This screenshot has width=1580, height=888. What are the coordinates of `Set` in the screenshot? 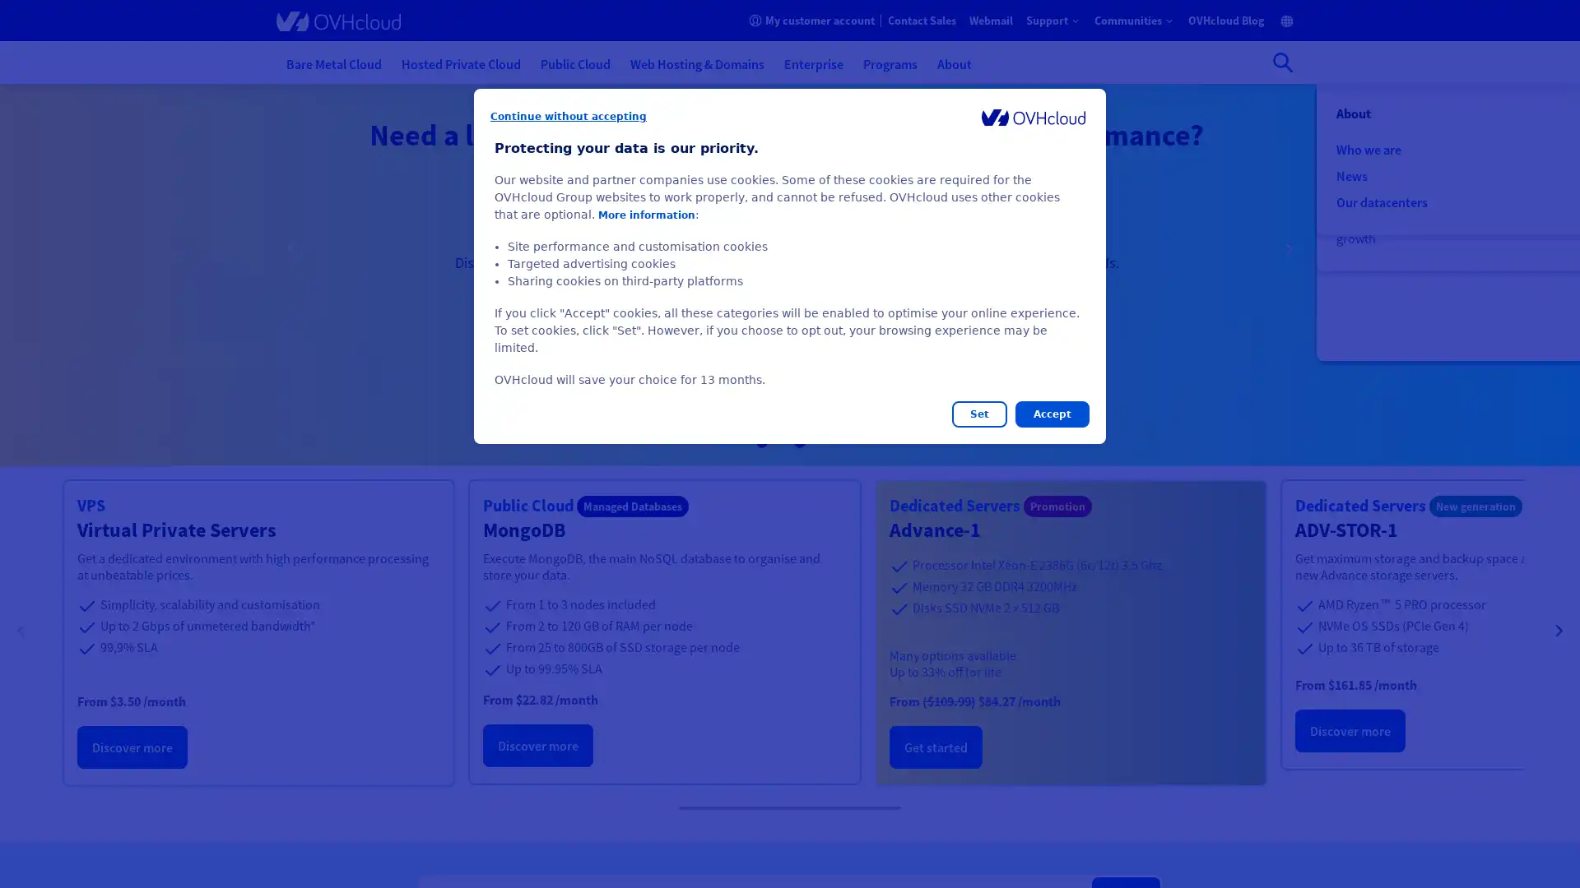 It's located at (979, 414).